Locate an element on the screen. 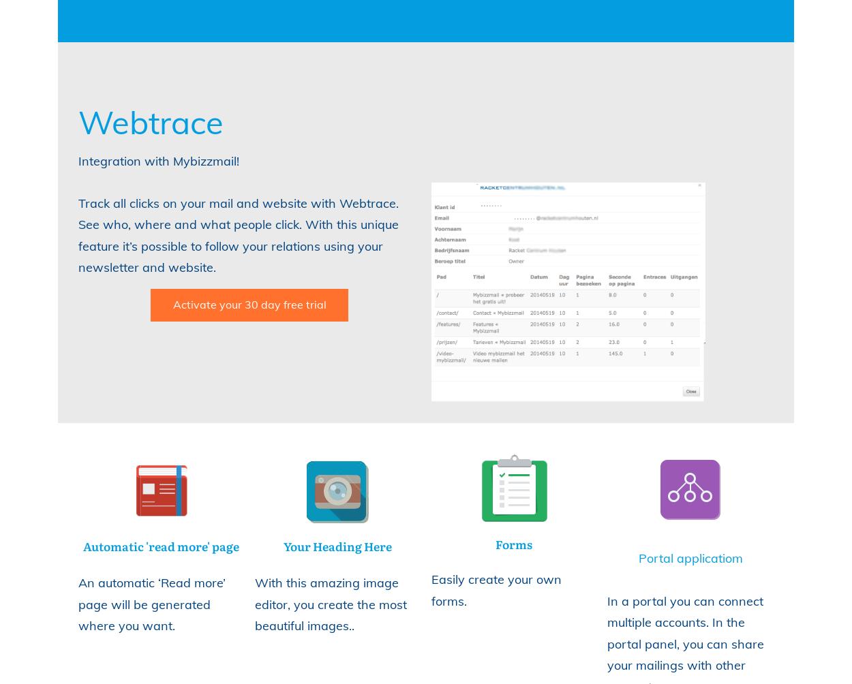 This screenshot has height=684, width=852. 'Webtrace' is located at coordinates (150, 121).